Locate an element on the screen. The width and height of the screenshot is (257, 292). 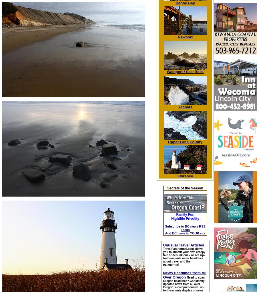
'Depoe Bay' is located at coordinates (185, 2).